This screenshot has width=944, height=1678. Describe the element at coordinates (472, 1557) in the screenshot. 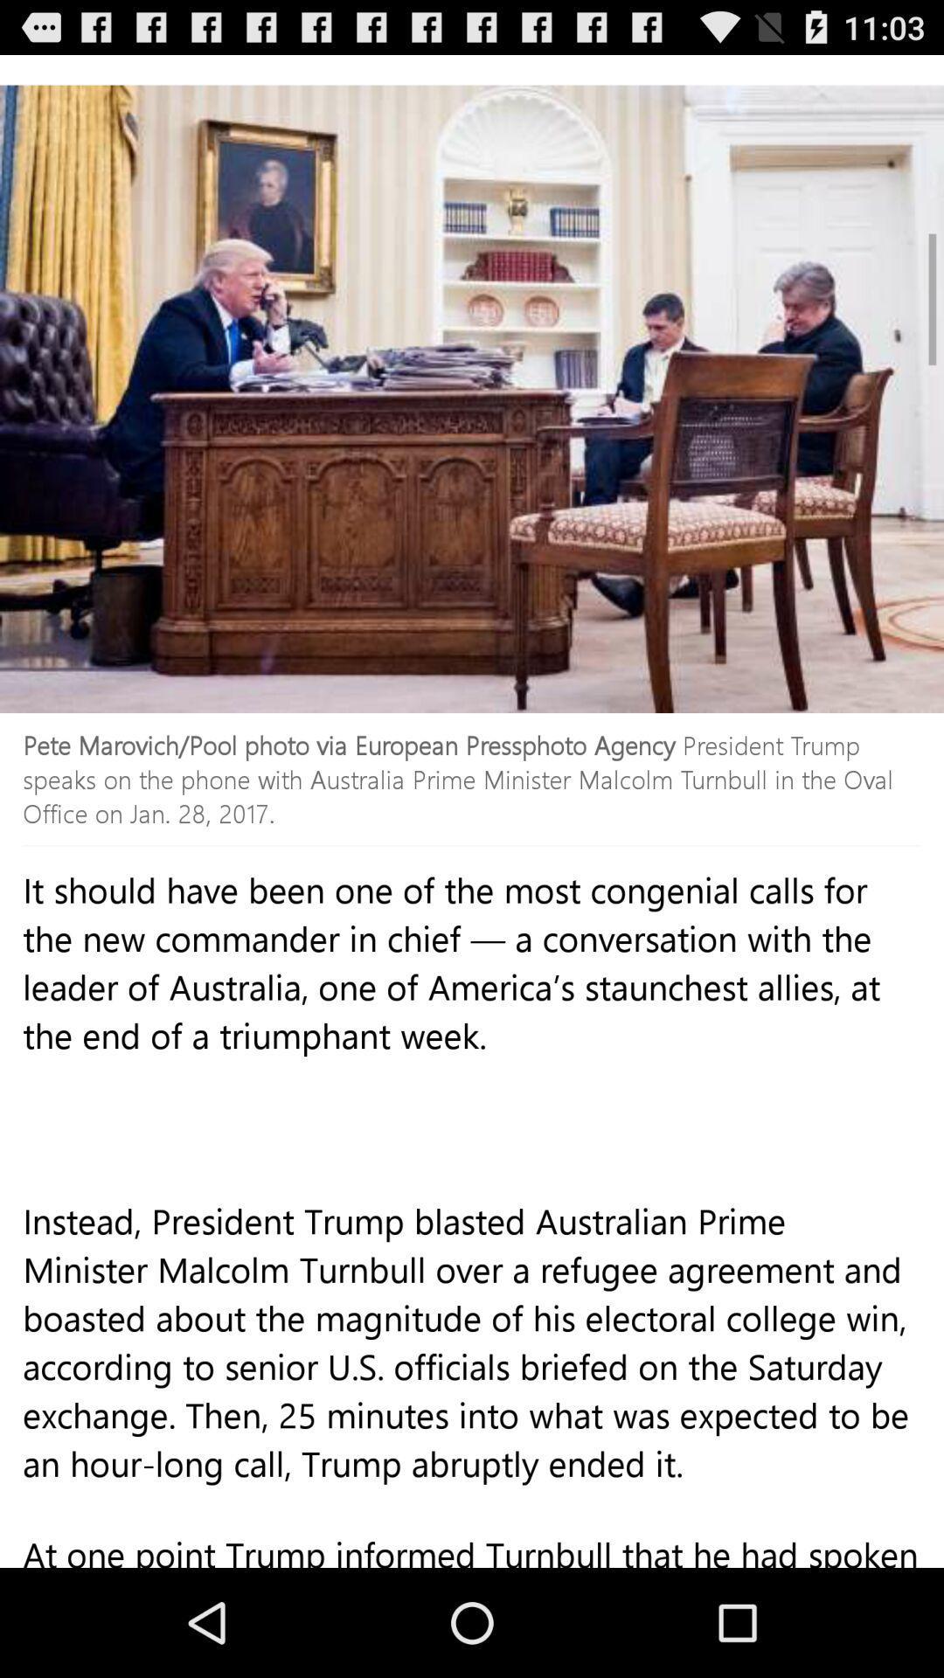

I see `the item below instead president trump` at that location.